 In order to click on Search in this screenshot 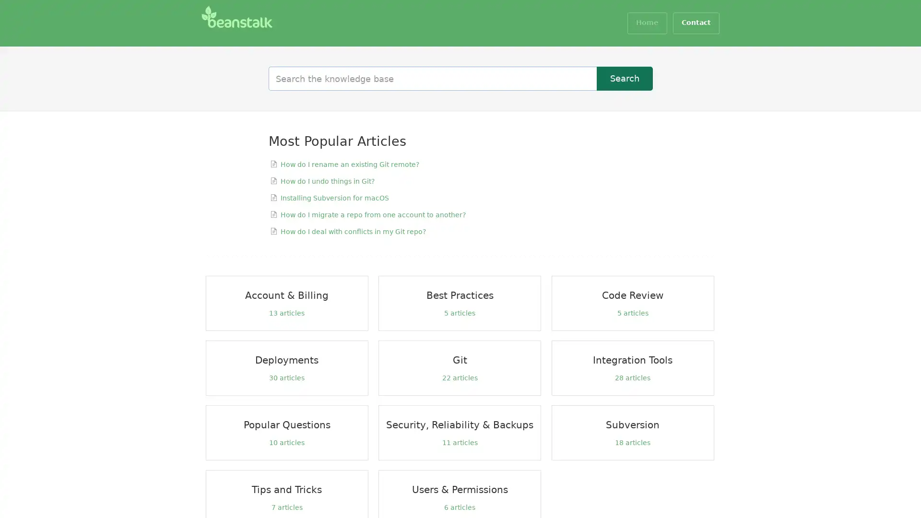, I will do `click(625, 78)`.